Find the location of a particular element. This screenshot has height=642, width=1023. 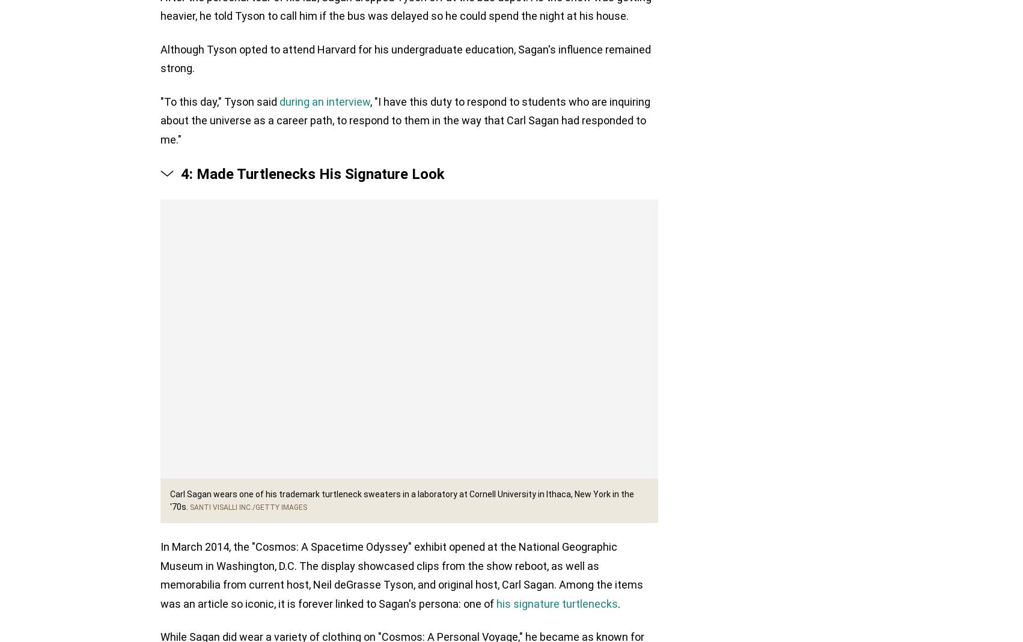

'.' is located at coordinates (617, 605).